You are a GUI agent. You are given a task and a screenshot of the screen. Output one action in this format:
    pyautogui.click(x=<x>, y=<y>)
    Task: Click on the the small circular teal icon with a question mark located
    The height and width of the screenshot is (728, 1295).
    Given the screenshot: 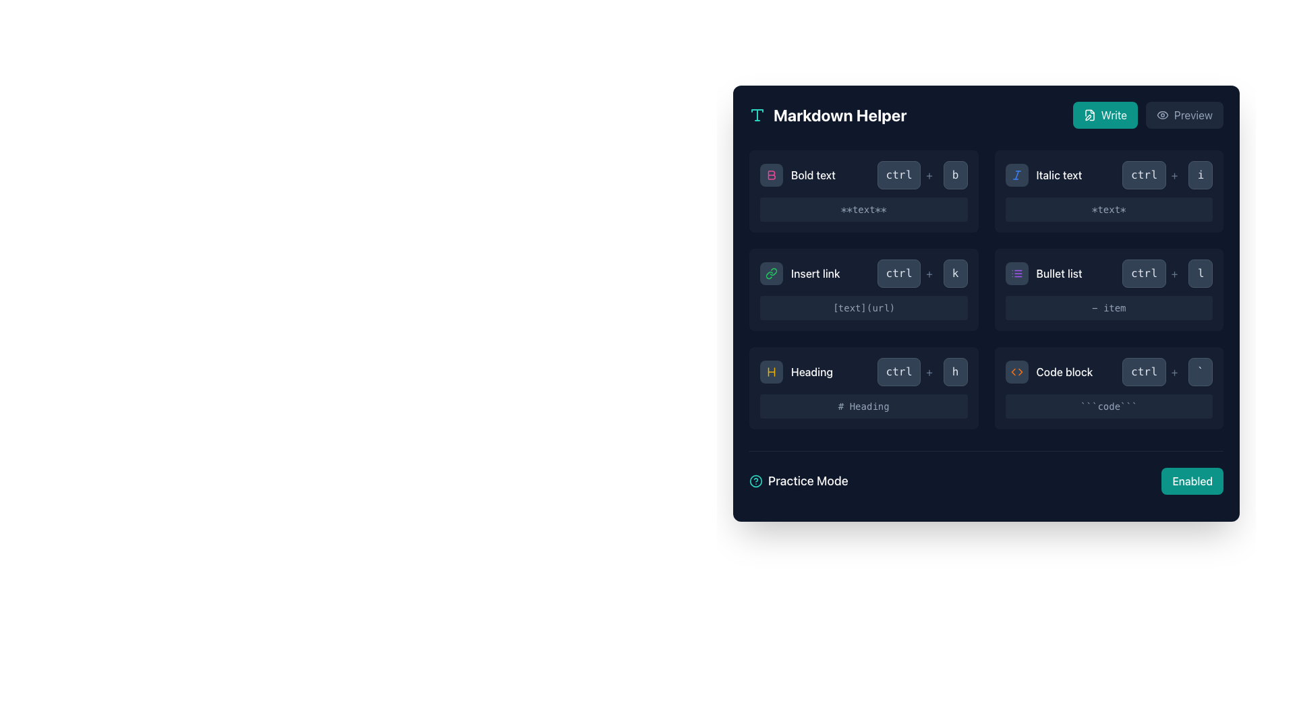 What is the action you would take?
    pyautogui.click(x=756, y=480)
    